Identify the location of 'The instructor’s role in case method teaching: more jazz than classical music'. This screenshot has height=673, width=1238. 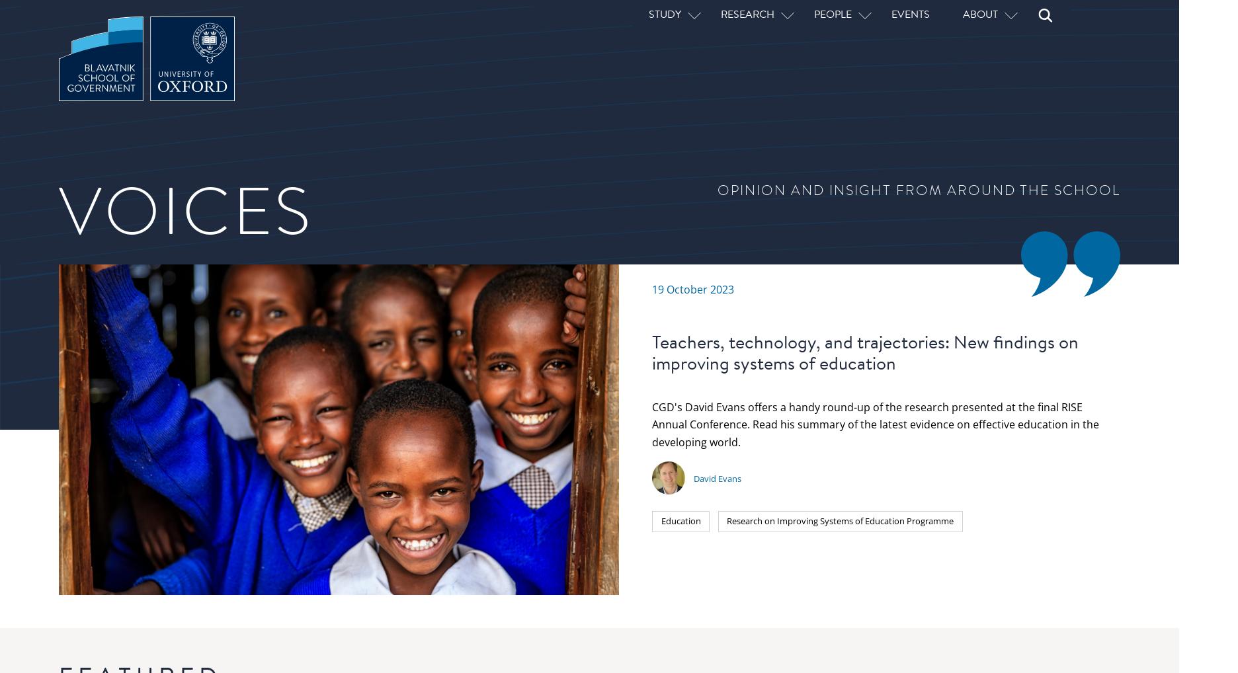
(788, 506).